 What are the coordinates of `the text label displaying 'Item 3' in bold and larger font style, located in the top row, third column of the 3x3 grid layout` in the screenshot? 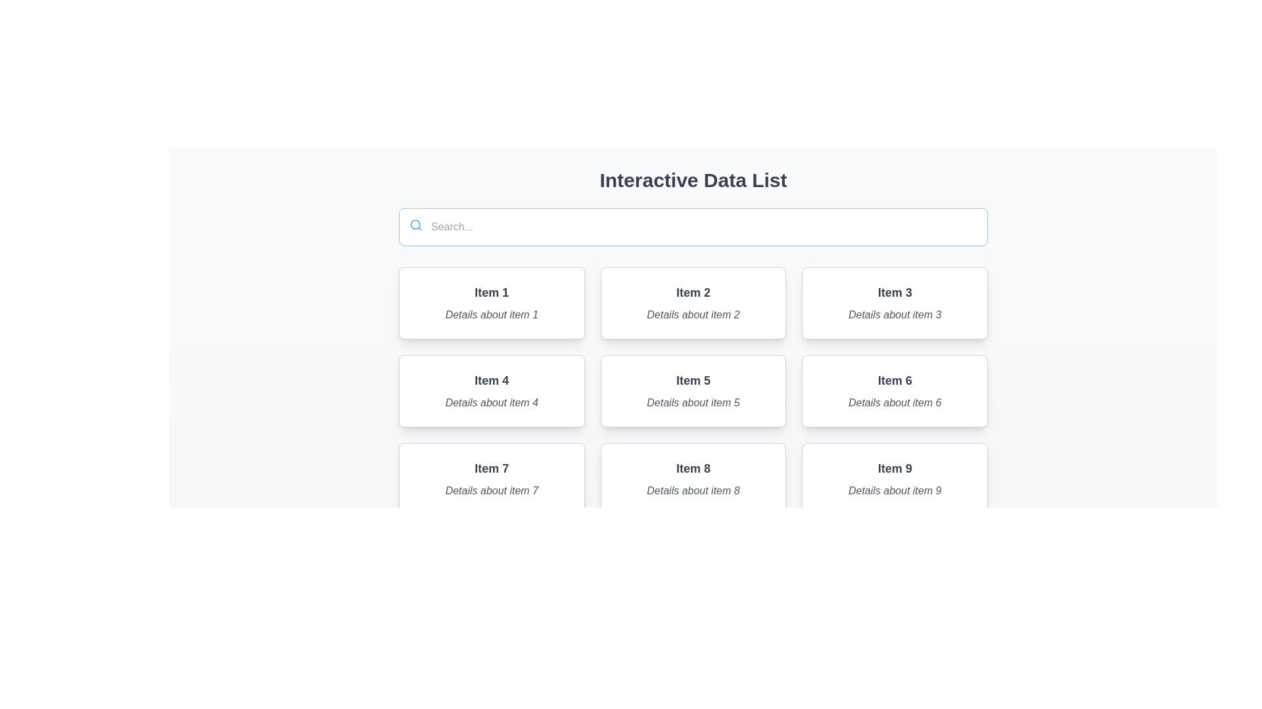 It's located at (894, 292).